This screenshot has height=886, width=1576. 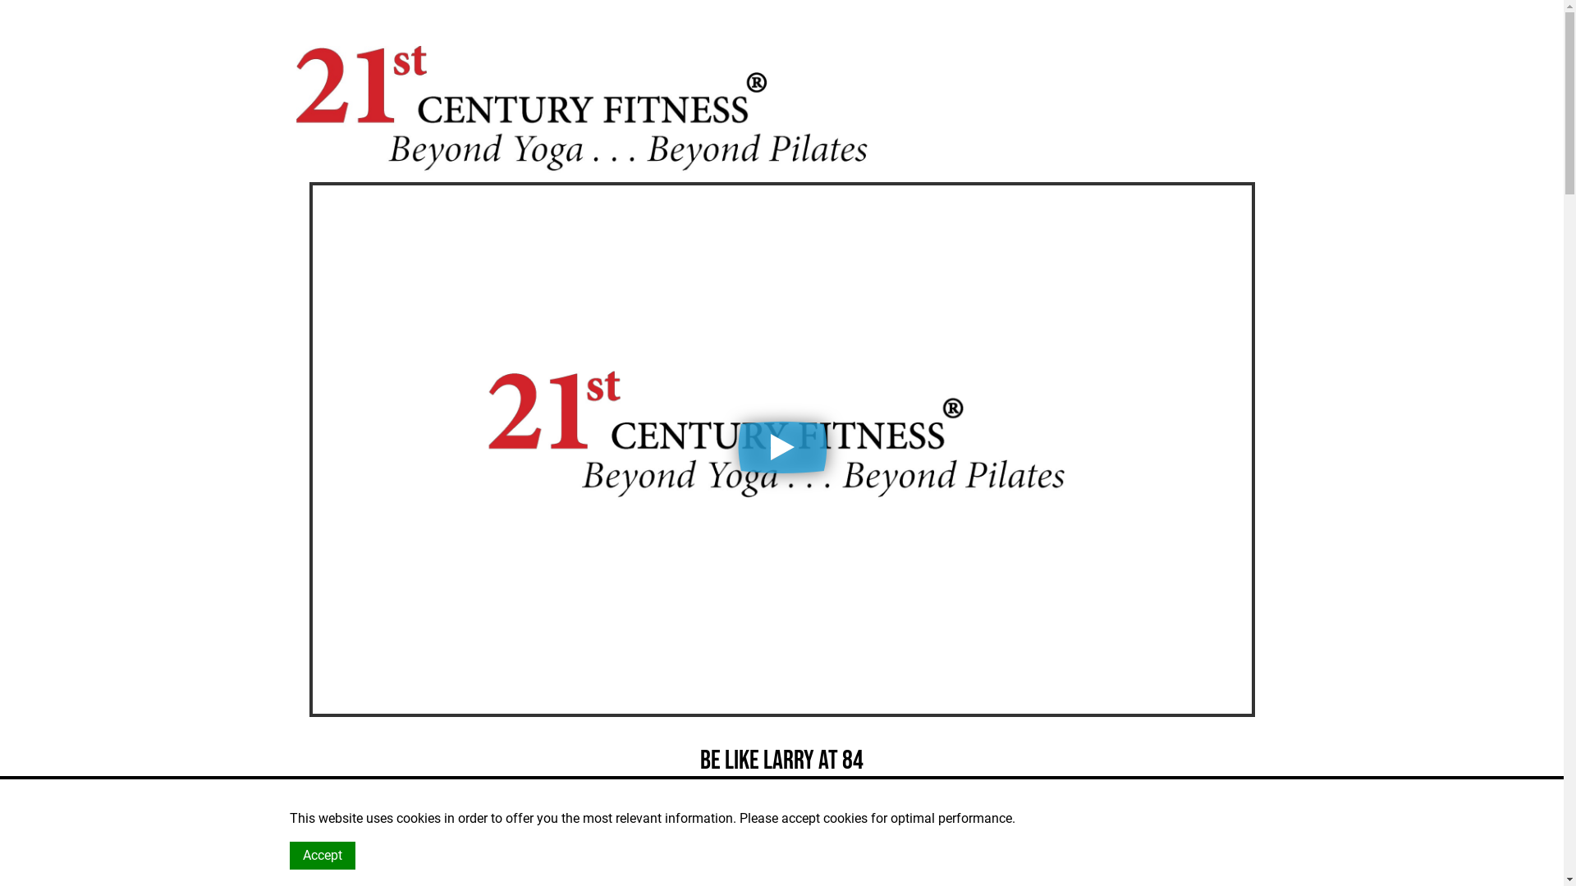 I want to click on 'Accept', so click(x=322, y=854).